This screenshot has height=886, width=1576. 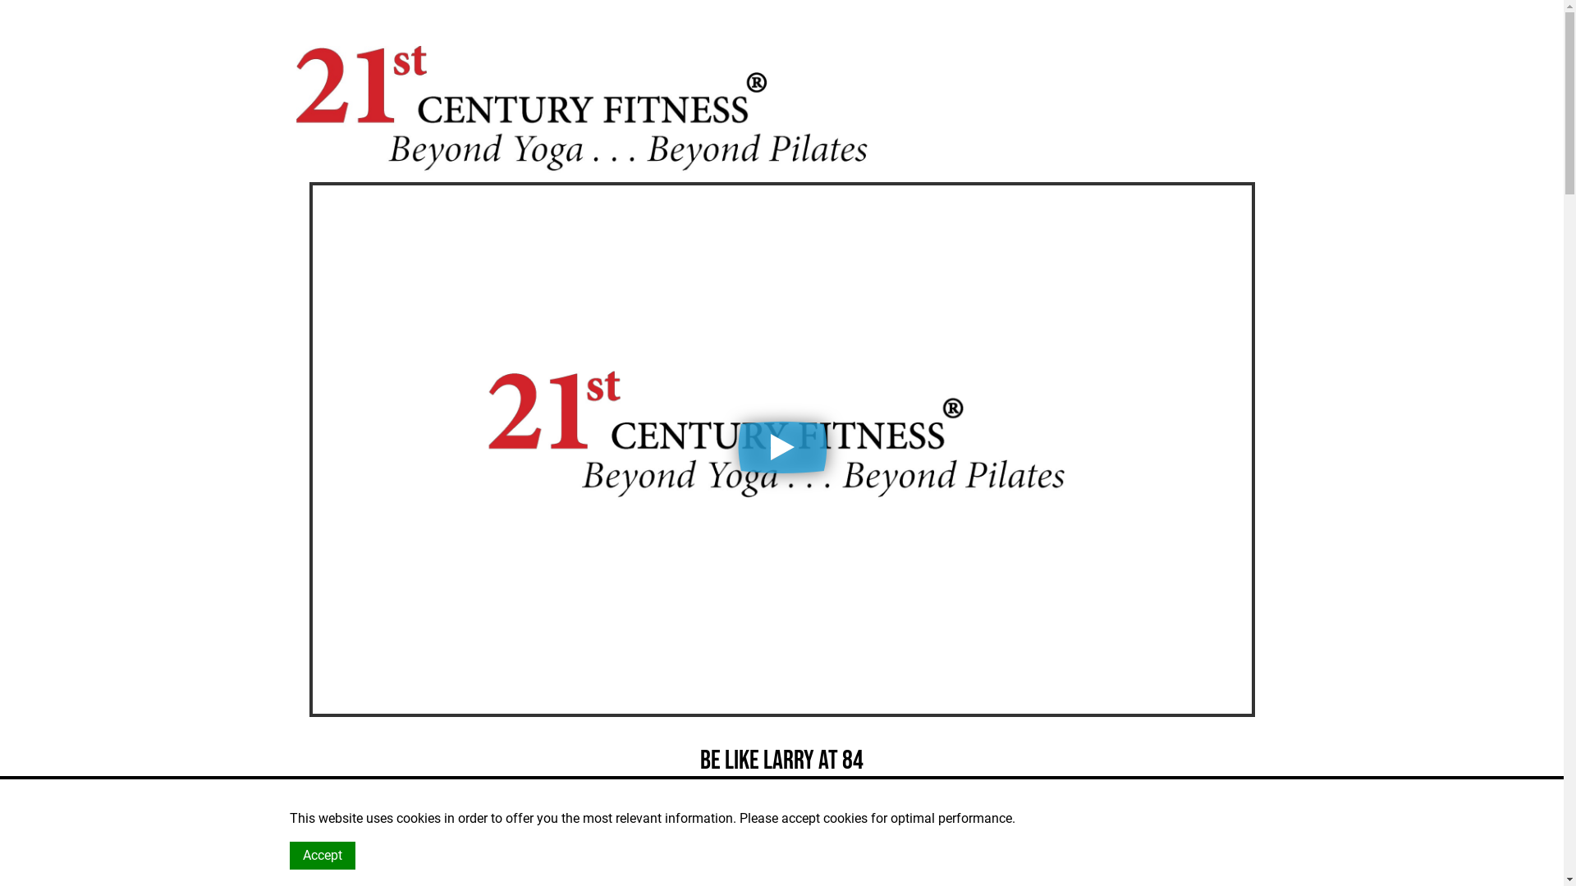 I want to click on 'Accept', so click(x=322, y=854).